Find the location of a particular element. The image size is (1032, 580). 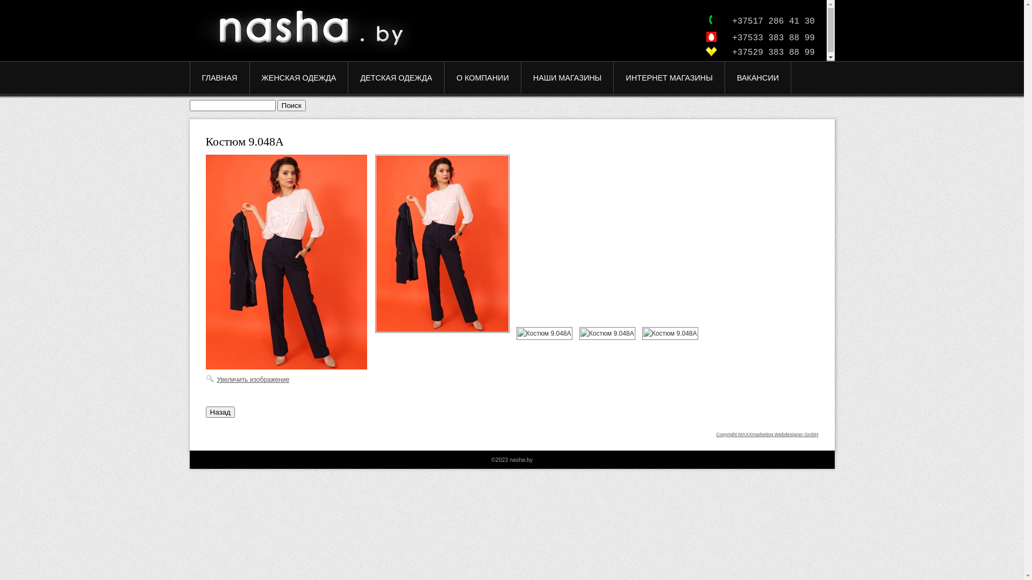

'Copyright MAXXmarketing Webdesigner GmbH' is located at coordinates (716, 434).